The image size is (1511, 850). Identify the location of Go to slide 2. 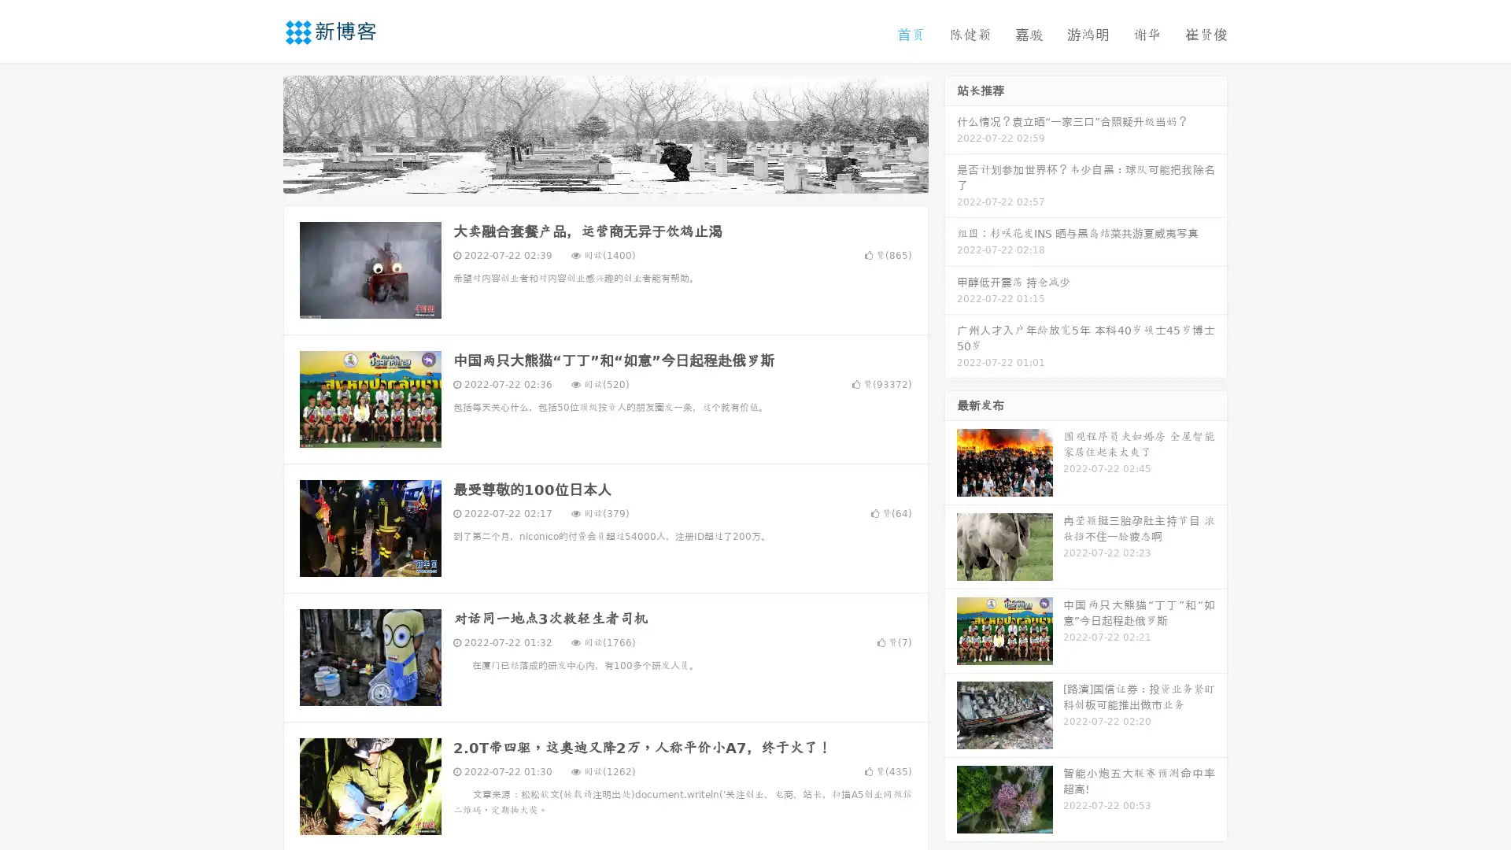
(604, 177).